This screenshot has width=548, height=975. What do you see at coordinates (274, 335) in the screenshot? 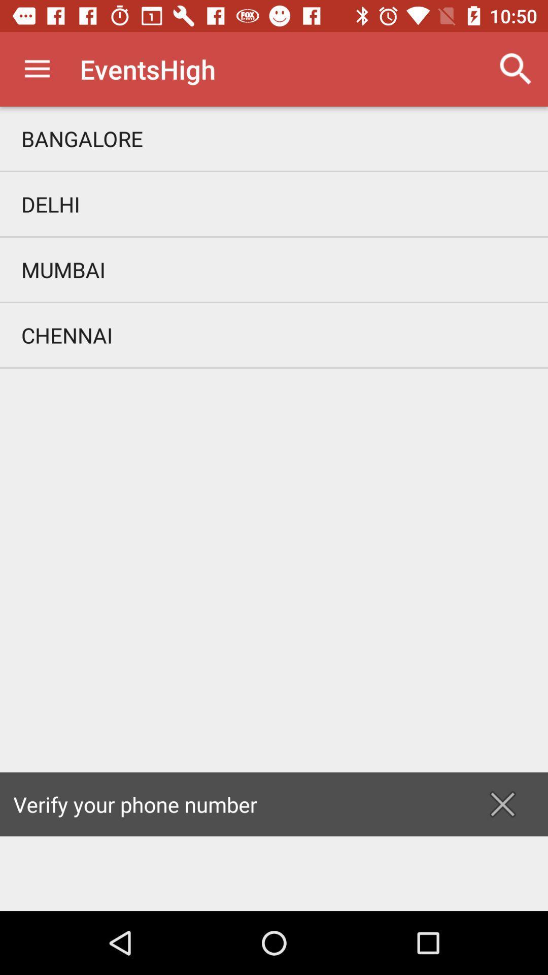
I see `chennai item` at bounding box center [274, 335].